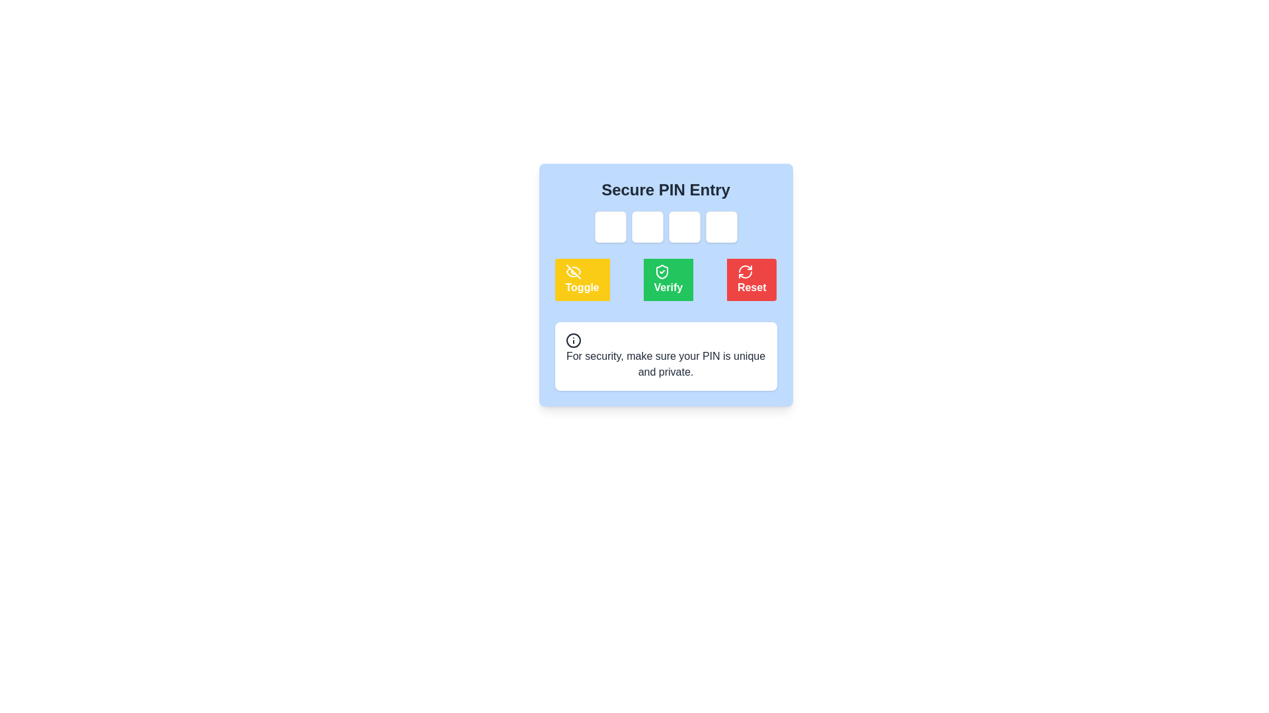  What do you see at coordinates (662, 271) in the screenshot?
I see `the shield icon with a checkmark inside the 'Verify' button, which has a green background and is positioned below the Secure PIN Entry input fields` at bounding box center [662, 271].